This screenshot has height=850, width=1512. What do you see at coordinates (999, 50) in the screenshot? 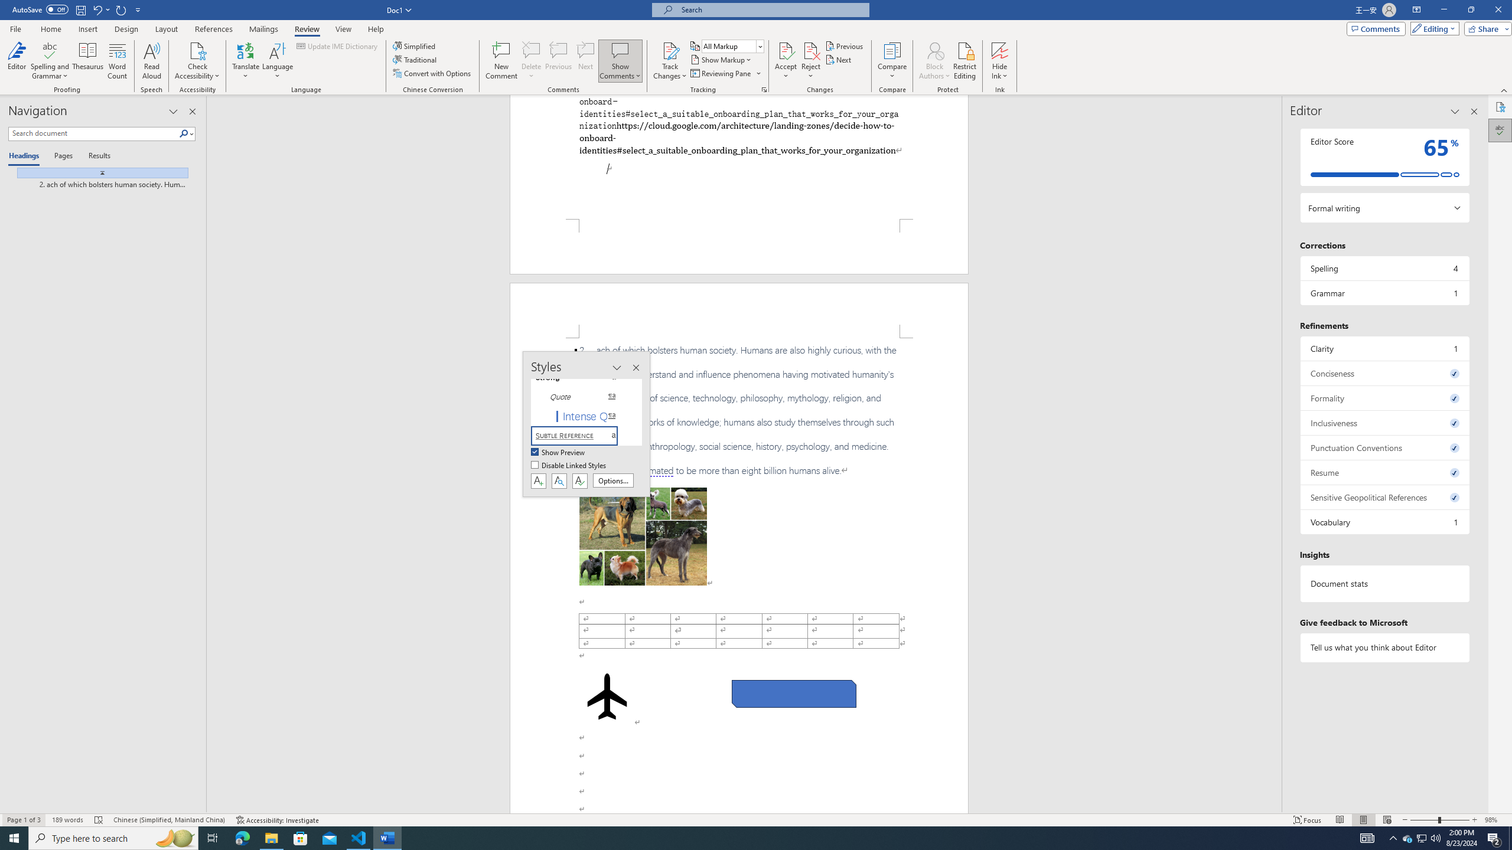
I see `'Hide Ink'` at bounding box center [999, 50].